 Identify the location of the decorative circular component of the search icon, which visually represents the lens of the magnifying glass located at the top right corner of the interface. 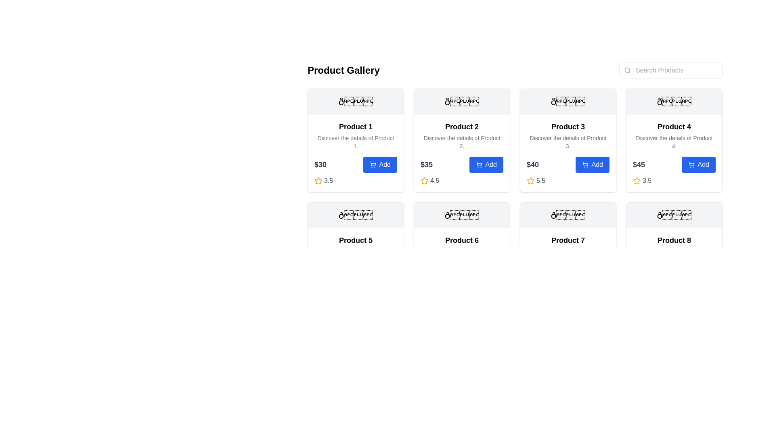
(627, 70).